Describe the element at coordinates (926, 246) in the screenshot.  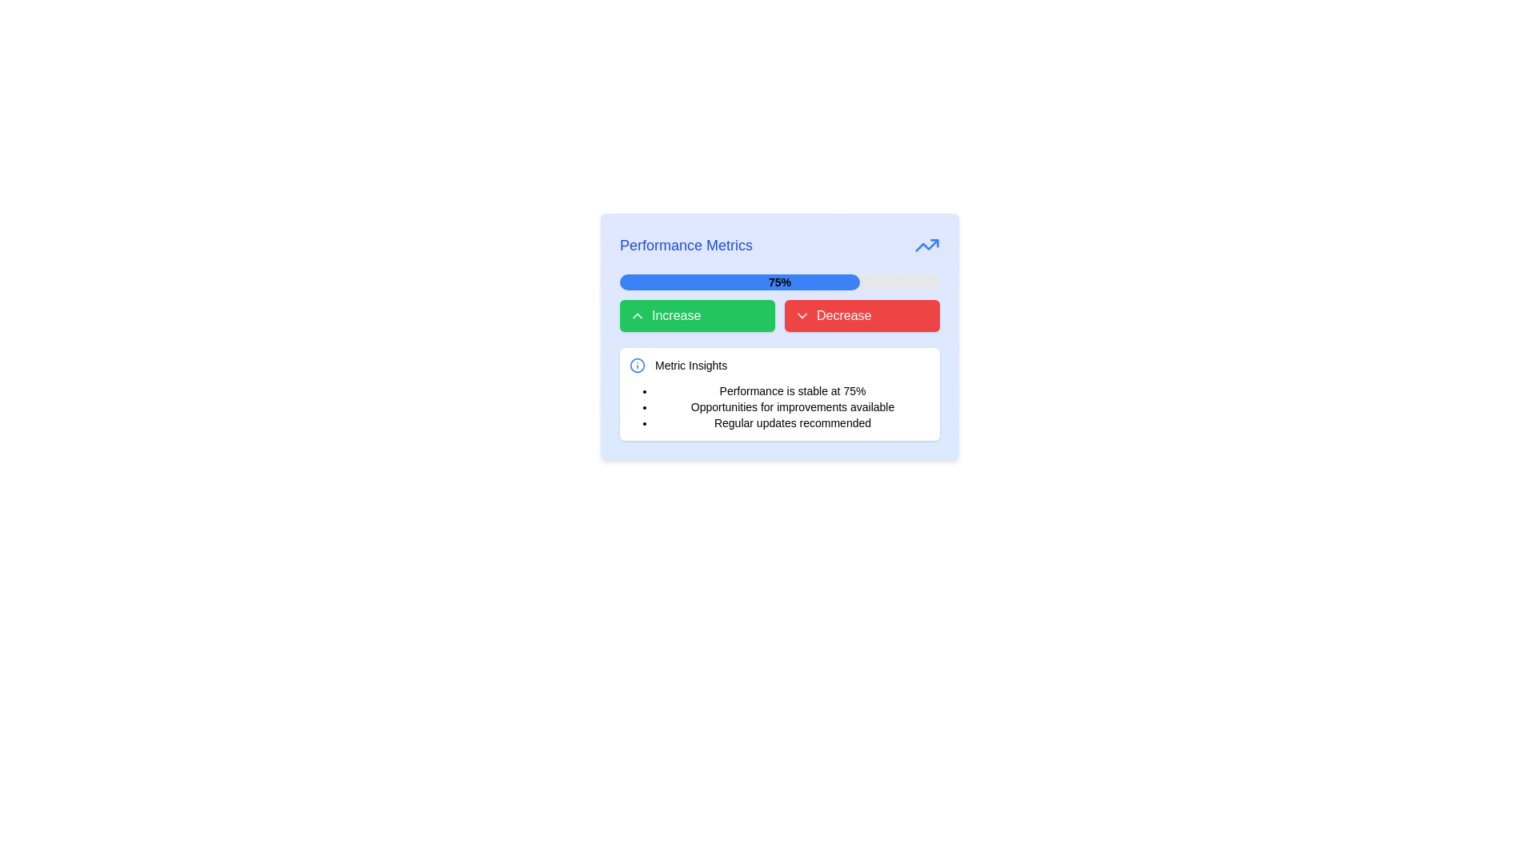
I see `the upward trend icon located at the top-right corner of the performance metrics card, which visually represents positive growth` at that location.